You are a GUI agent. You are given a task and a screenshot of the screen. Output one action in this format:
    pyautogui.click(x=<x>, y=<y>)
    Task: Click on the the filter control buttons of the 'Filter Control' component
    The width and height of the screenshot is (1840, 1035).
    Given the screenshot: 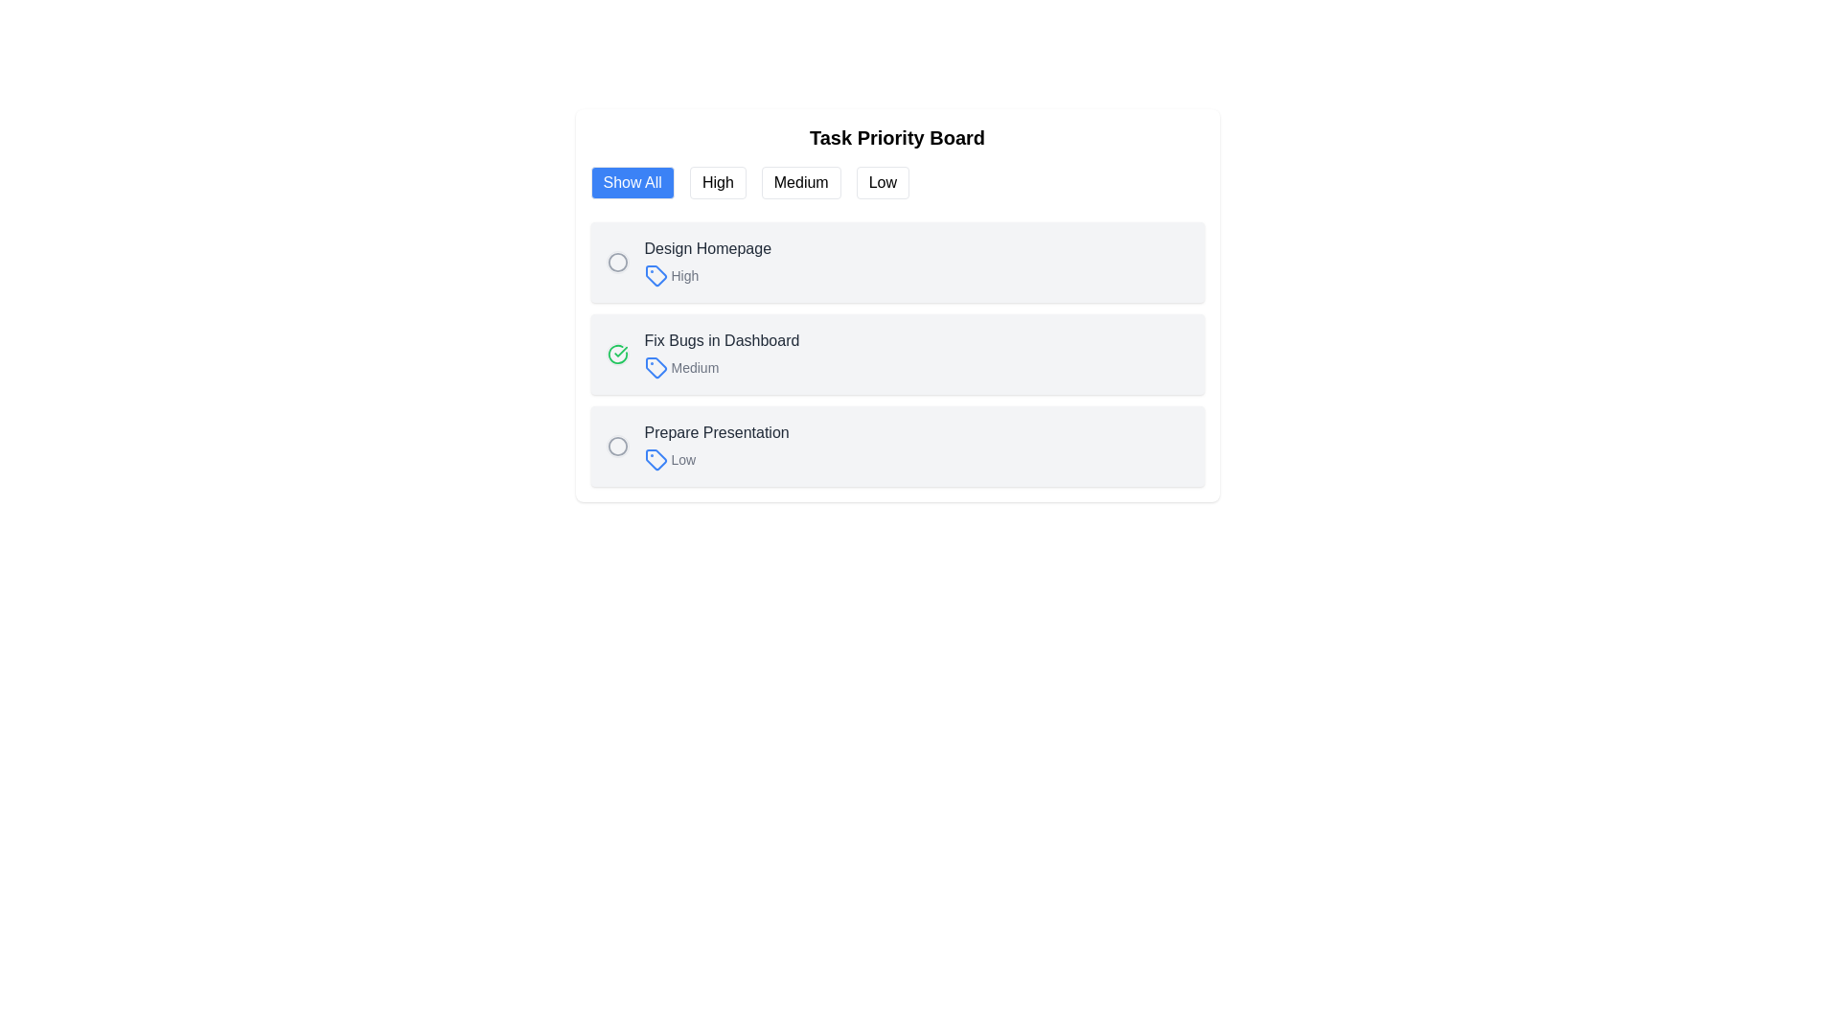 What is the action you would take?
    pyautogui.click(x=896, y=161)
    